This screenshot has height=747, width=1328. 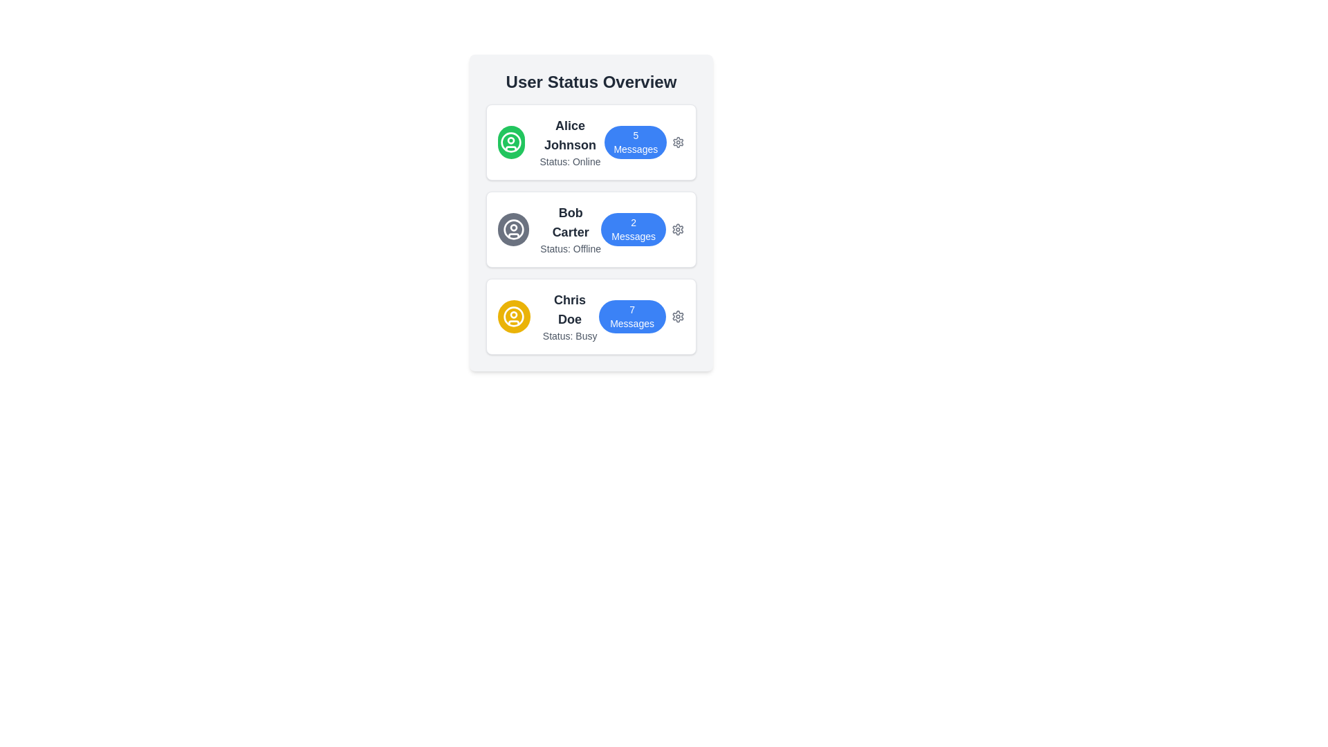 What do you see at coordinates (570, 317) in the screenshot?
I see `the Text Label displaying the name and current status of the user 'Chris Doe' in the 'User Status Overview' section, located between a circular yellow icon and a blue button labeled '7 Messages'` at bounding box center [570, 317].